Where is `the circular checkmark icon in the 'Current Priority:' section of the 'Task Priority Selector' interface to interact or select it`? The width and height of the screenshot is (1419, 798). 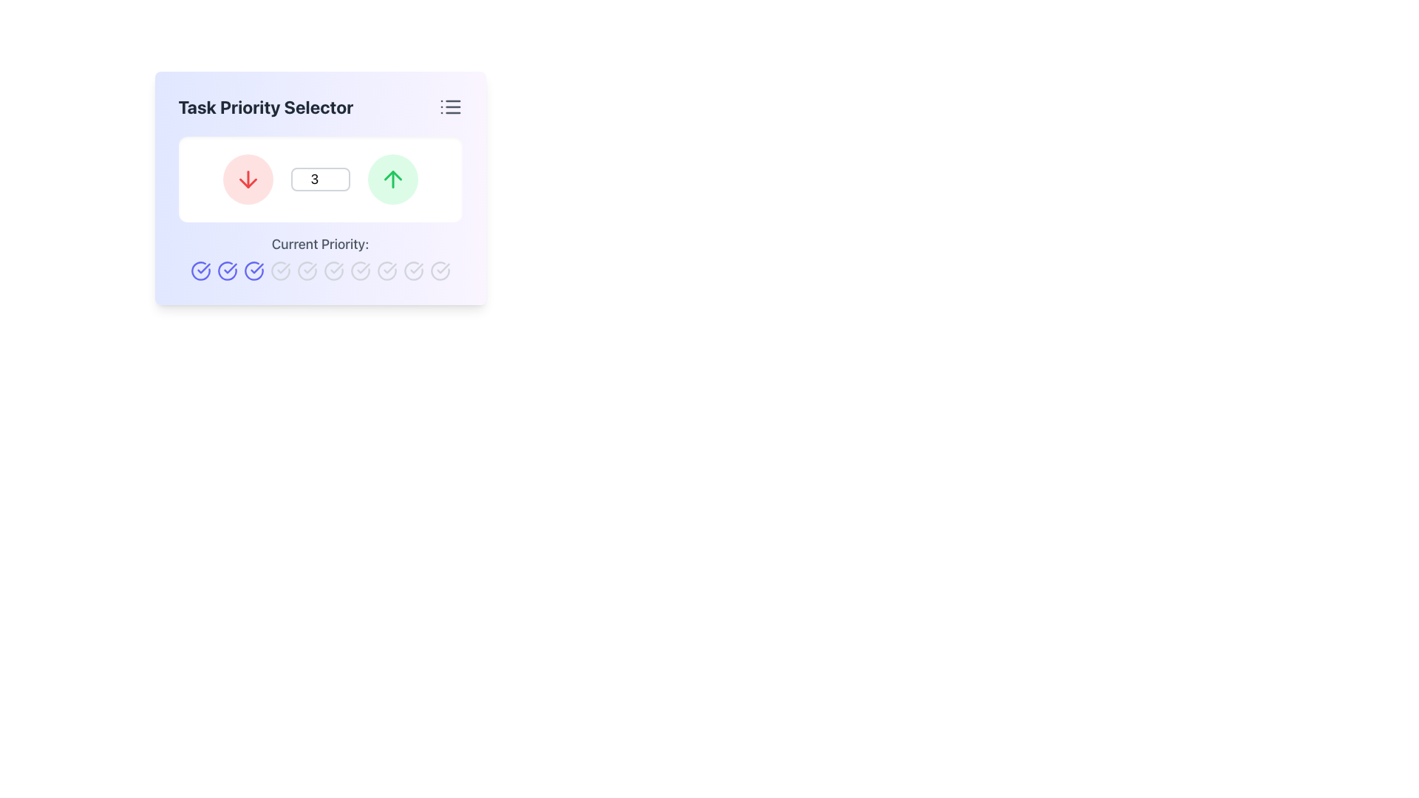
the circular checkmark icon in the 'Current Priority:' section of the 'Task Priority Selector' interface to interact or select it is located at coordinates (360, 270).